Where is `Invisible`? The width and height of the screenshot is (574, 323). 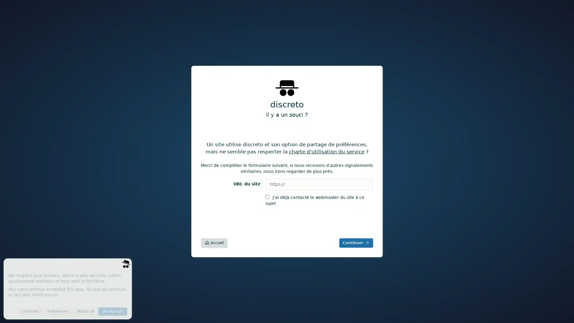 Invisible is located at coordinates (96, 313).